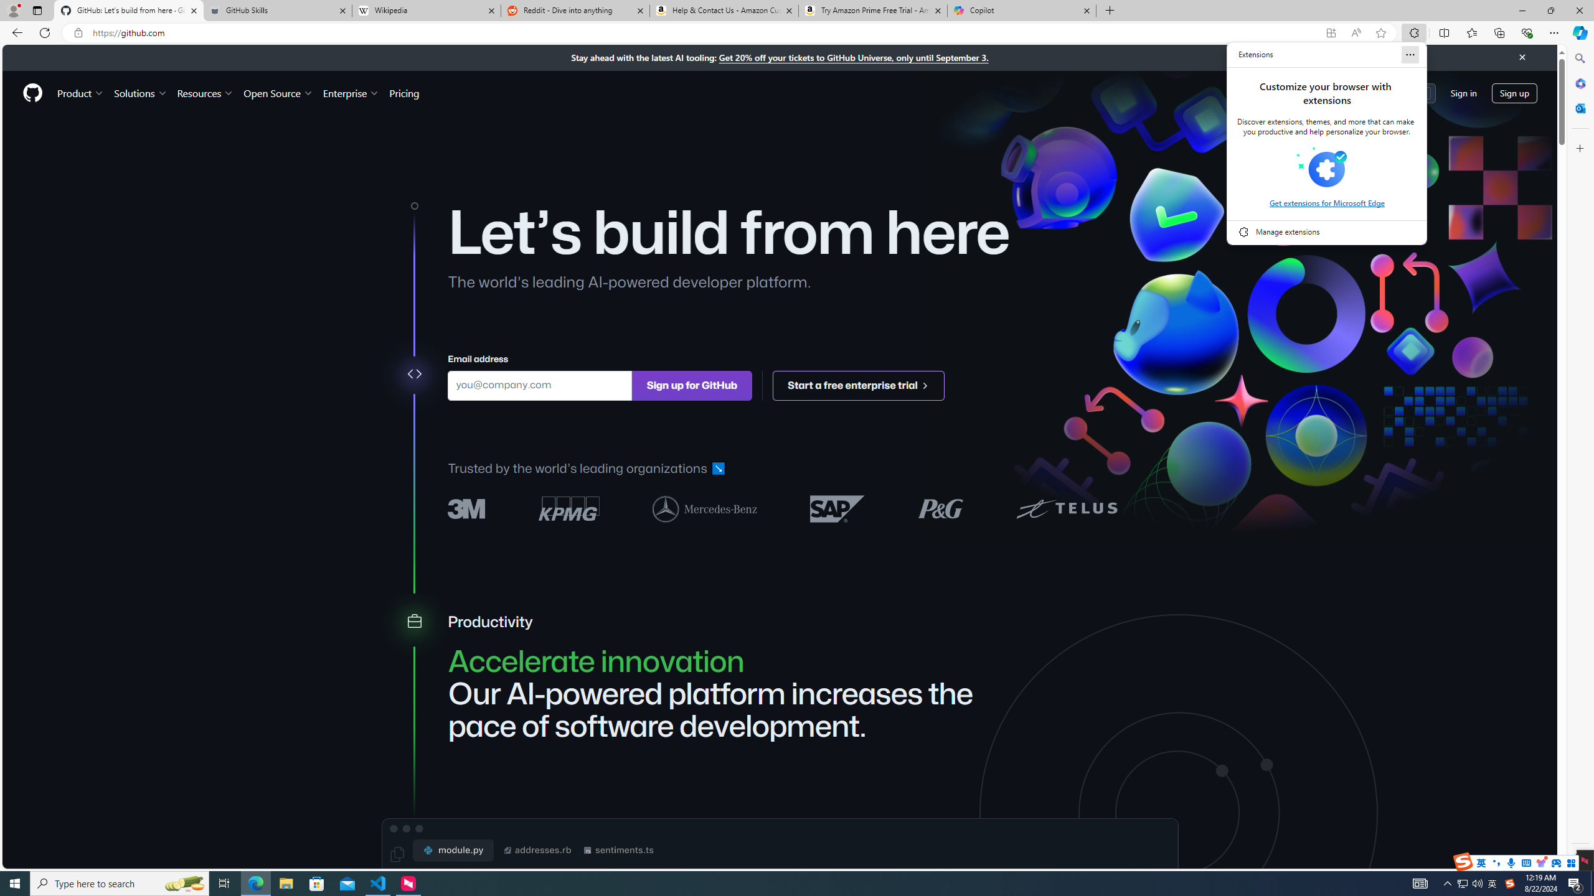 The width and height of the screenshot is (1594, 896). I want to click on 'Microsoft Store', so click(317, 882).